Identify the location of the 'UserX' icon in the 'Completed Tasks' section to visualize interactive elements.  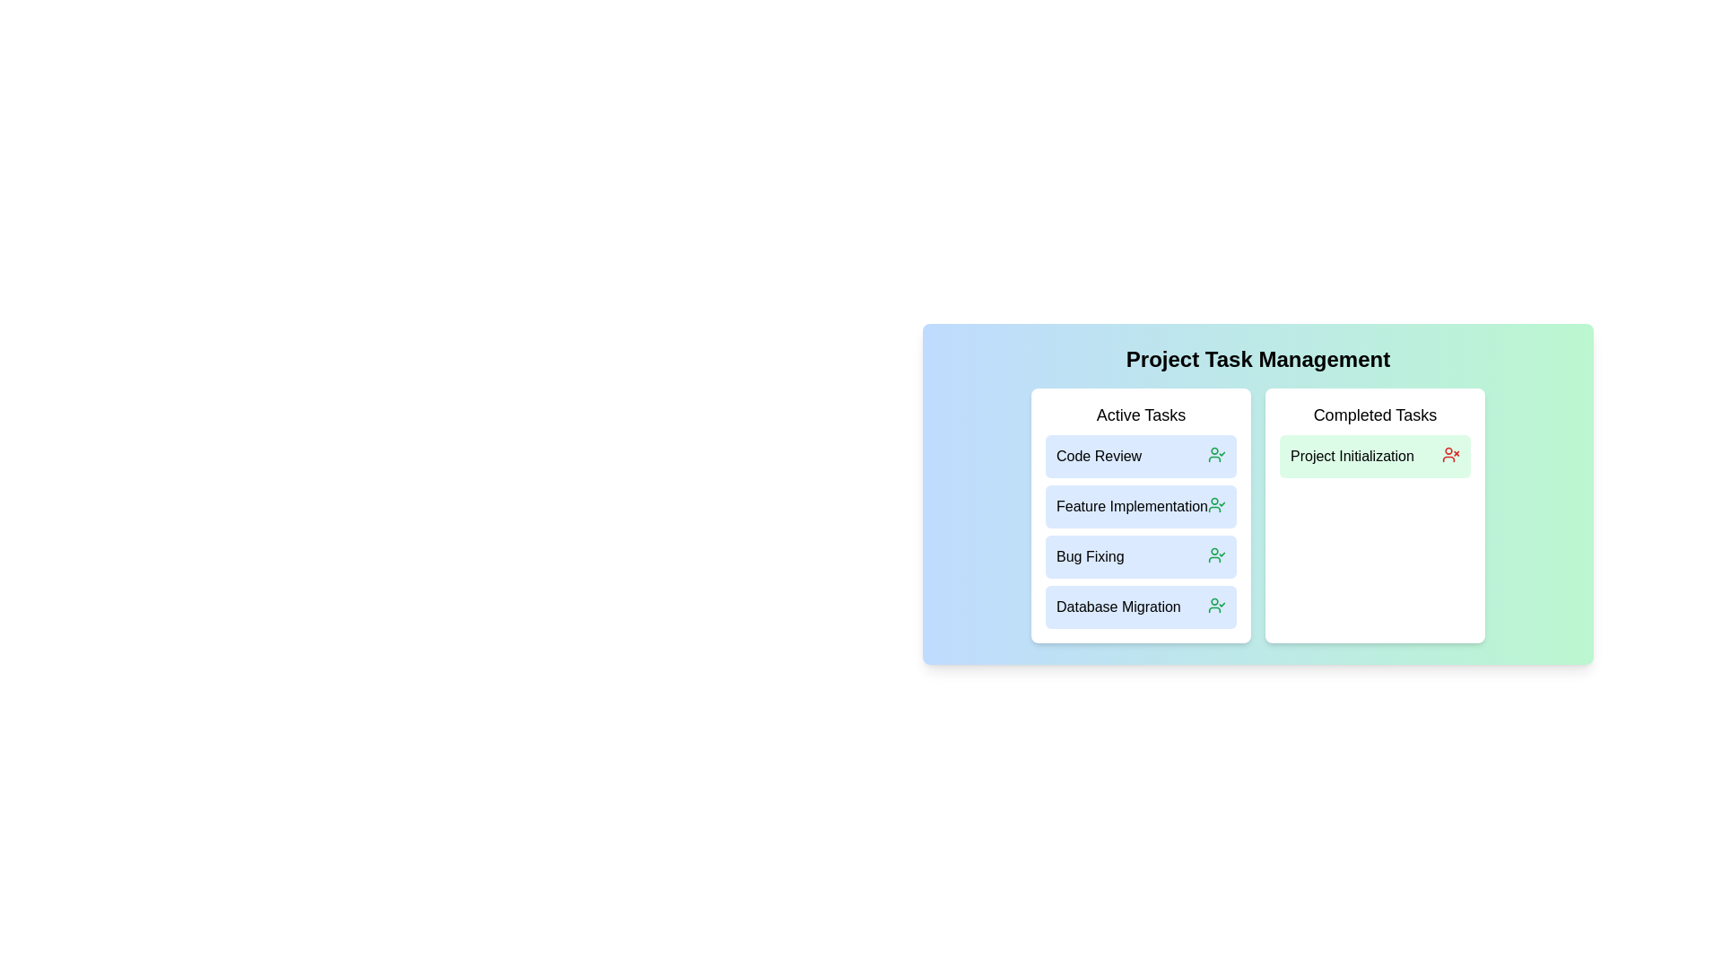
(1450, 453).